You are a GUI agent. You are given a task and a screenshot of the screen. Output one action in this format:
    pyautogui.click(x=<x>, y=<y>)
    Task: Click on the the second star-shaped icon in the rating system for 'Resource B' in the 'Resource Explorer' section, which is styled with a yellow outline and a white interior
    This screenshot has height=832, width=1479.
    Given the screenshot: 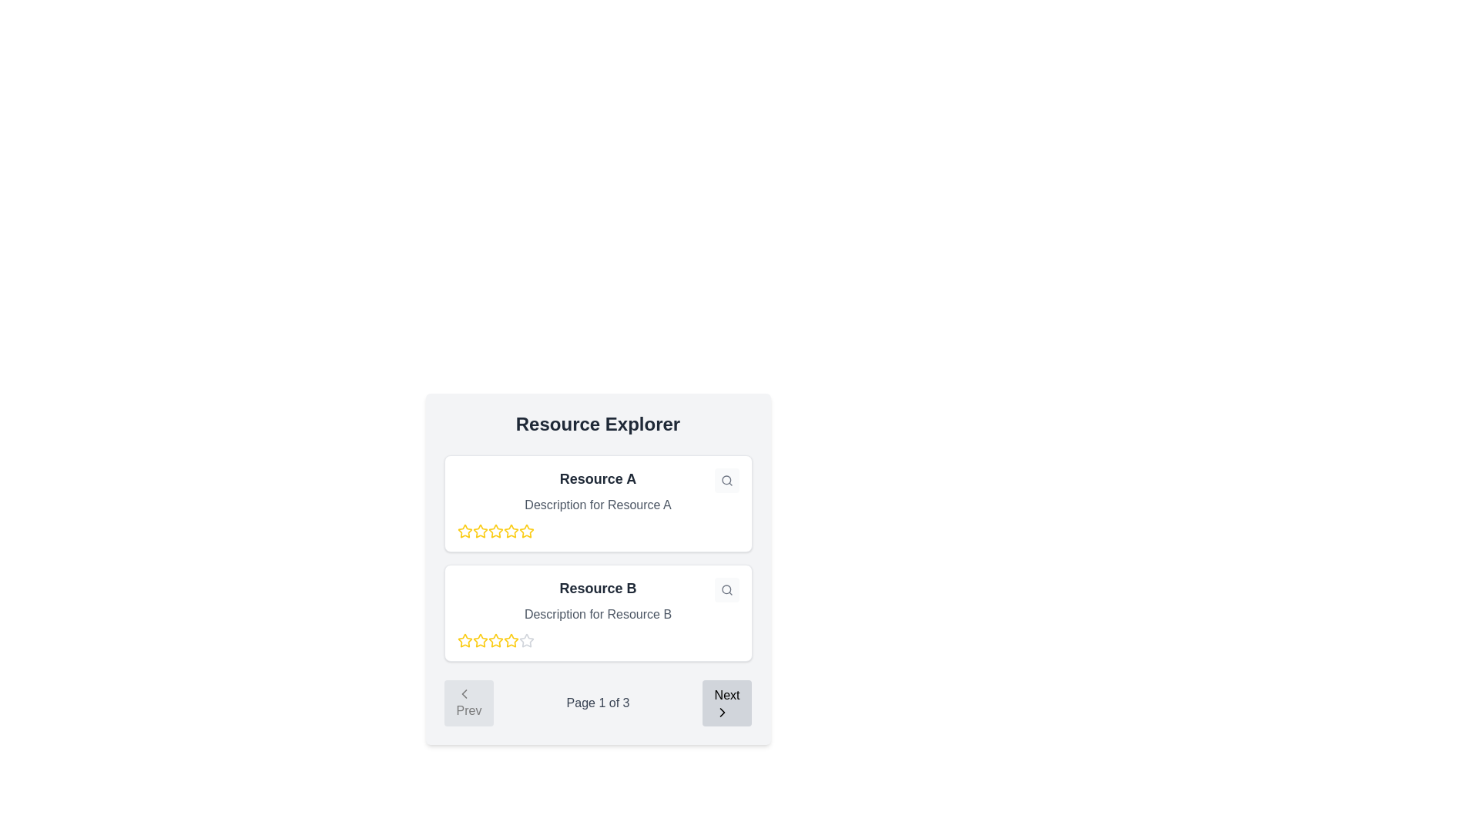 What is the action you would take?
    pyautogui.click(x=479, y=640)
    